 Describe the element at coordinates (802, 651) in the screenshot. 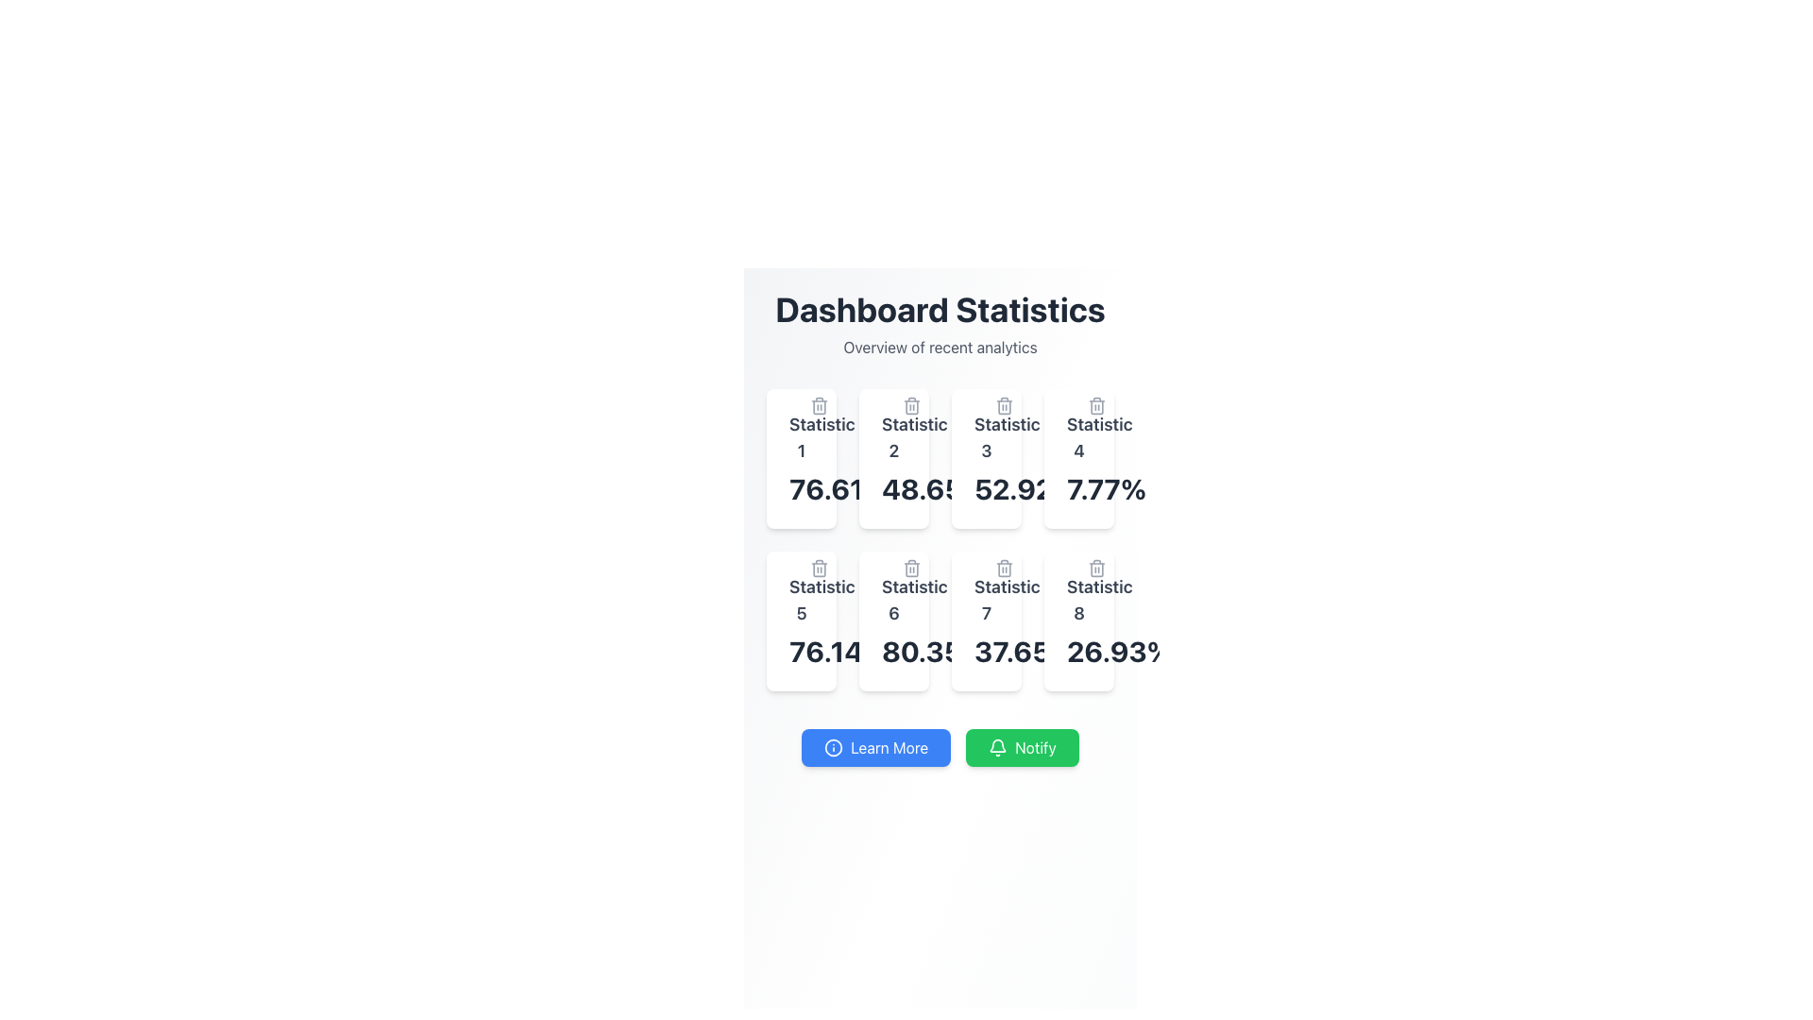

I see `the bold, large-sized text displaying '76.14%' which is positioned below 'Statistic 5' in a card layout` at that location.